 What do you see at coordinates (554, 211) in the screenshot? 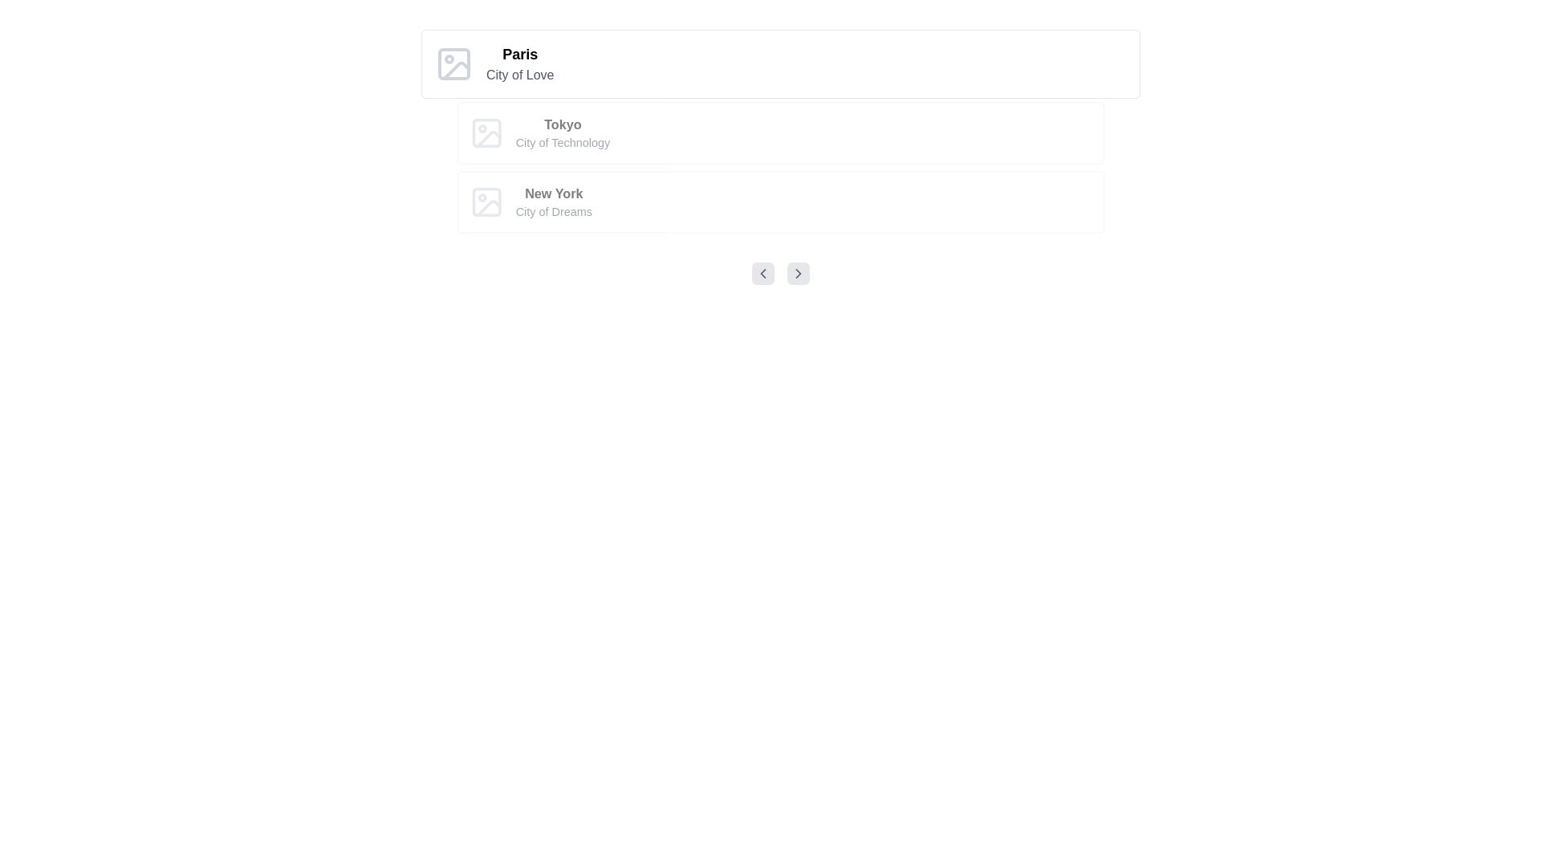
I see `accessibility properties of the text label 'City of Dreams' located below 'New York' in the city information list` at bounding box center [554, 211].